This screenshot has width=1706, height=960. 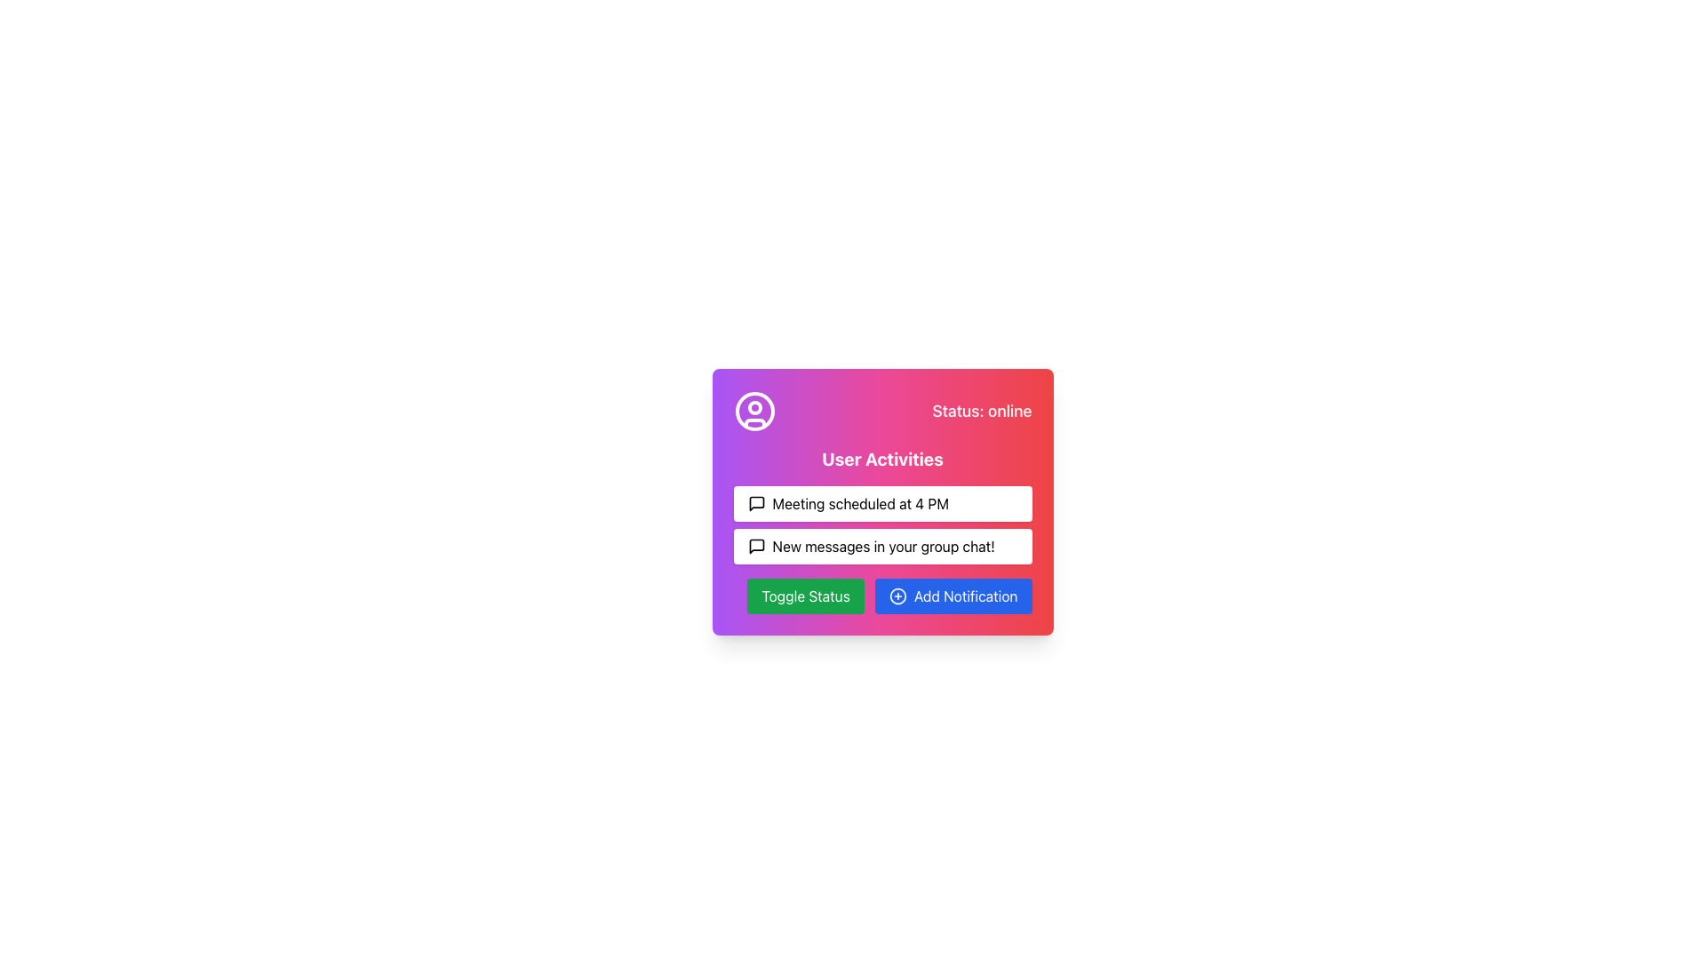 I want to click on attributes of the circular graphic (SVG circle) that forms the background of the 'Add Notification' button located in the bottom-right corner of the card, so click(x=897, y=596).